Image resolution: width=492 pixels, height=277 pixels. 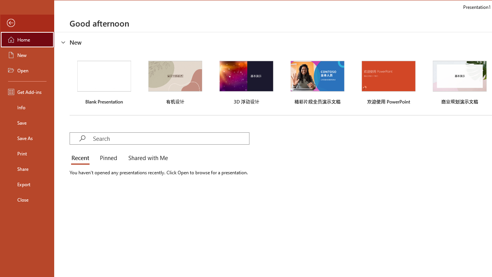 I want to click on 'Shared with Me', so click(x=146, y=158).